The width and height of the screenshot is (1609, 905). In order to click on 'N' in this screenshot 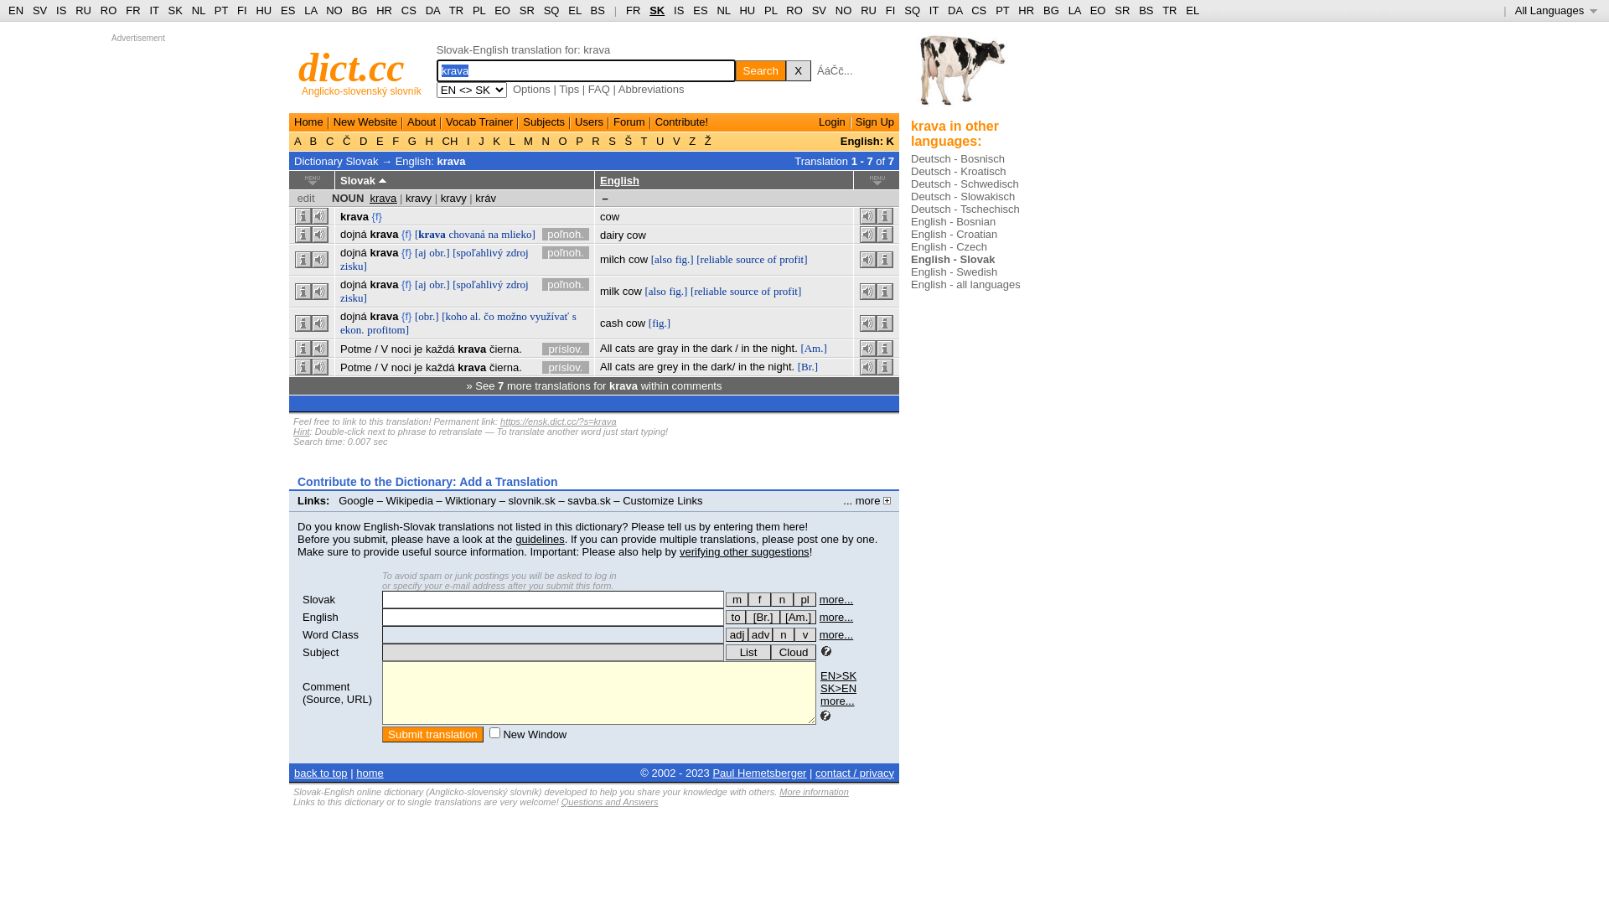, I will do `click(546, 140)`.